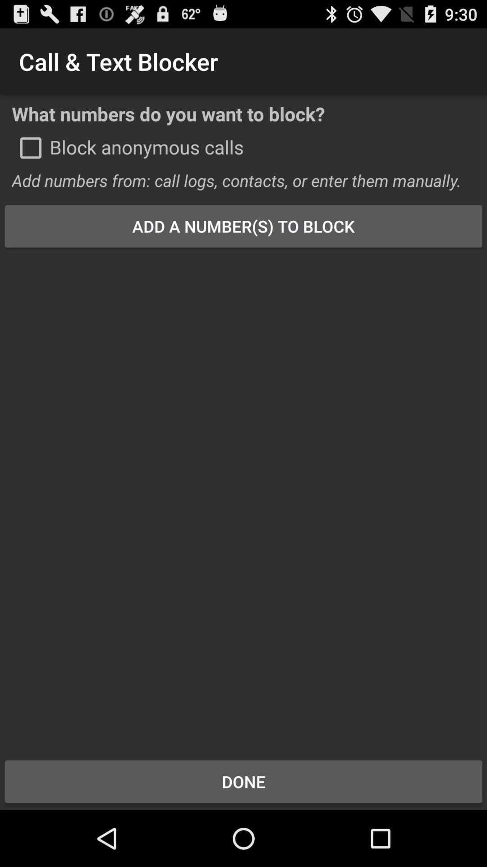 Image resolution: width=487 pixels, height=867 pixels. I want to click on the icon above the done icon, so click(243, 497).